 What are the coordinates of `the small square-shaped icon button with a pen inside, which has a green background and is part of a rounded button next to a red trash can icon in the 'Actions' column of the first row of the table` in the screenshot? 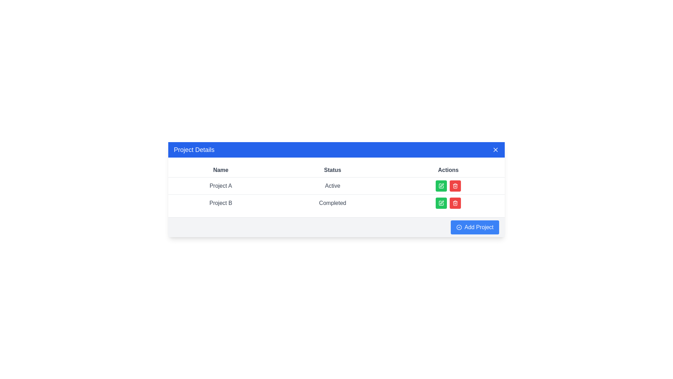 It's located at (441, 186).